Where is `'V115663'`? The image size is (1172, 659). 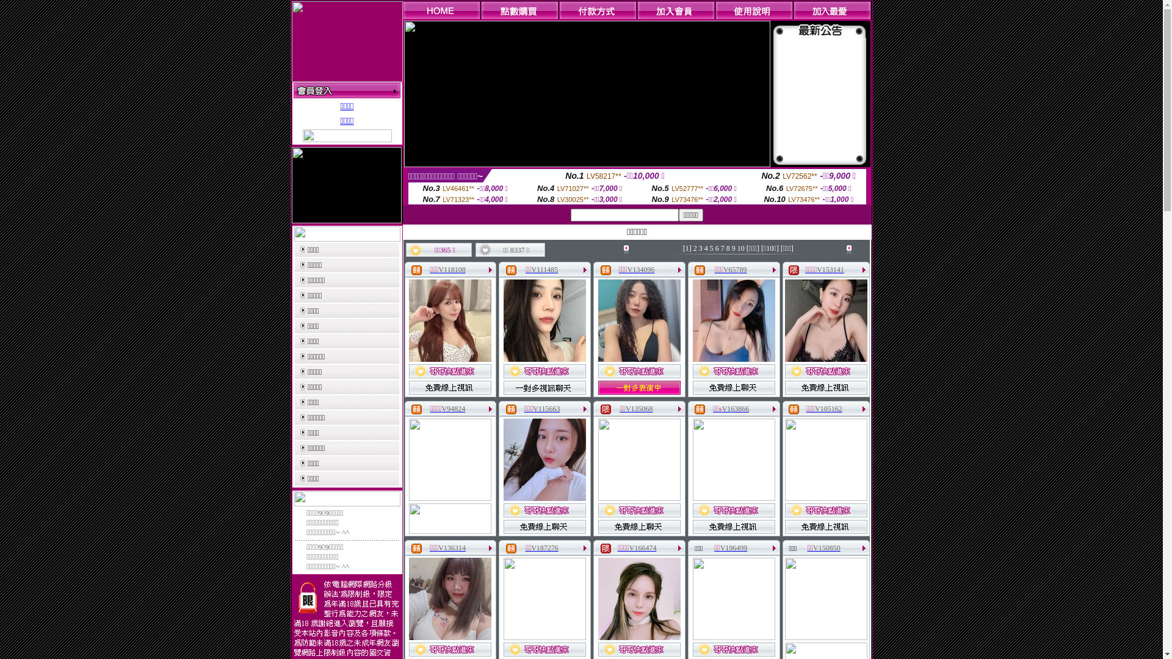 'V115663' is located at coordinates (545, 409).